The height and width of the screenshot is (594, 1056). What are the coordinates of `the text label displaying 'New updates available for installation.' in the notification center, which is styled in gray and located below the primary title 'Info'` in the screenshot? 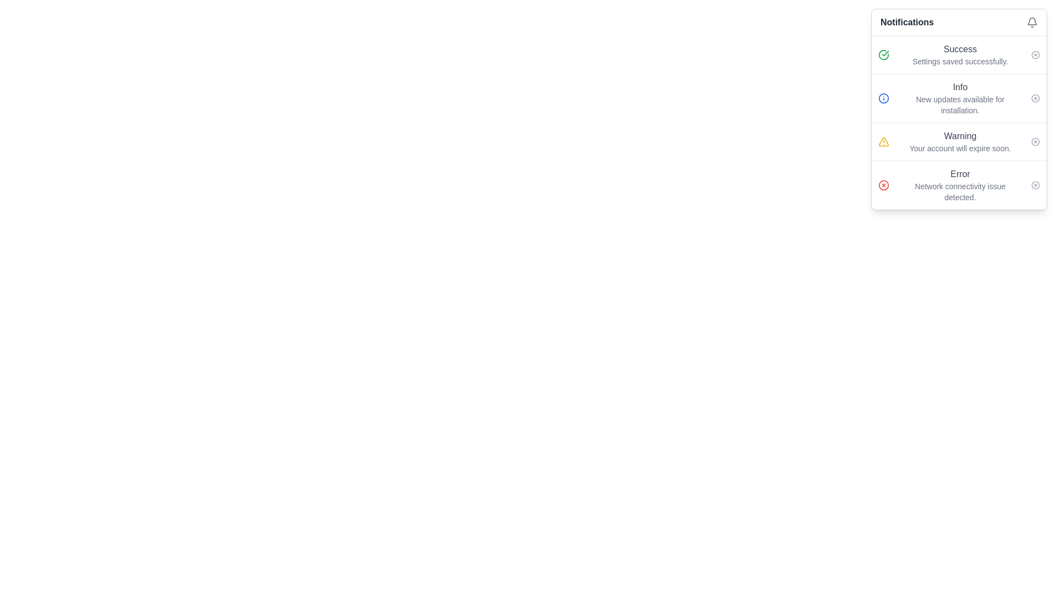 It's located at (960, 105).